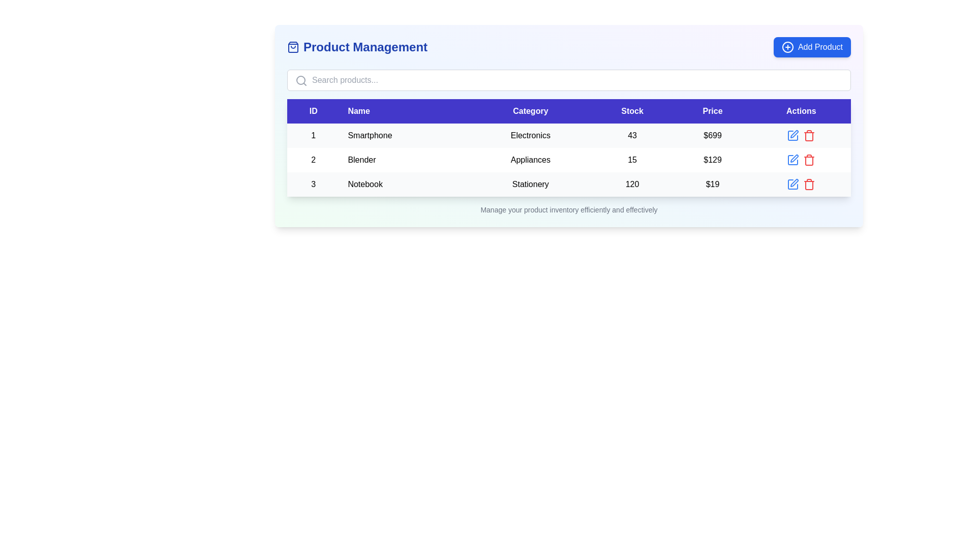 The height and width of the screenshot is (549, 976). Describe the element at coordinates (530, 160) in the screenshot. I see `the 'Appliances' text label in the second row of the table under the 'Category' column, which is styled with a clean sans-serif typeface and located between the 'Blender' and '15' cells` at that location.